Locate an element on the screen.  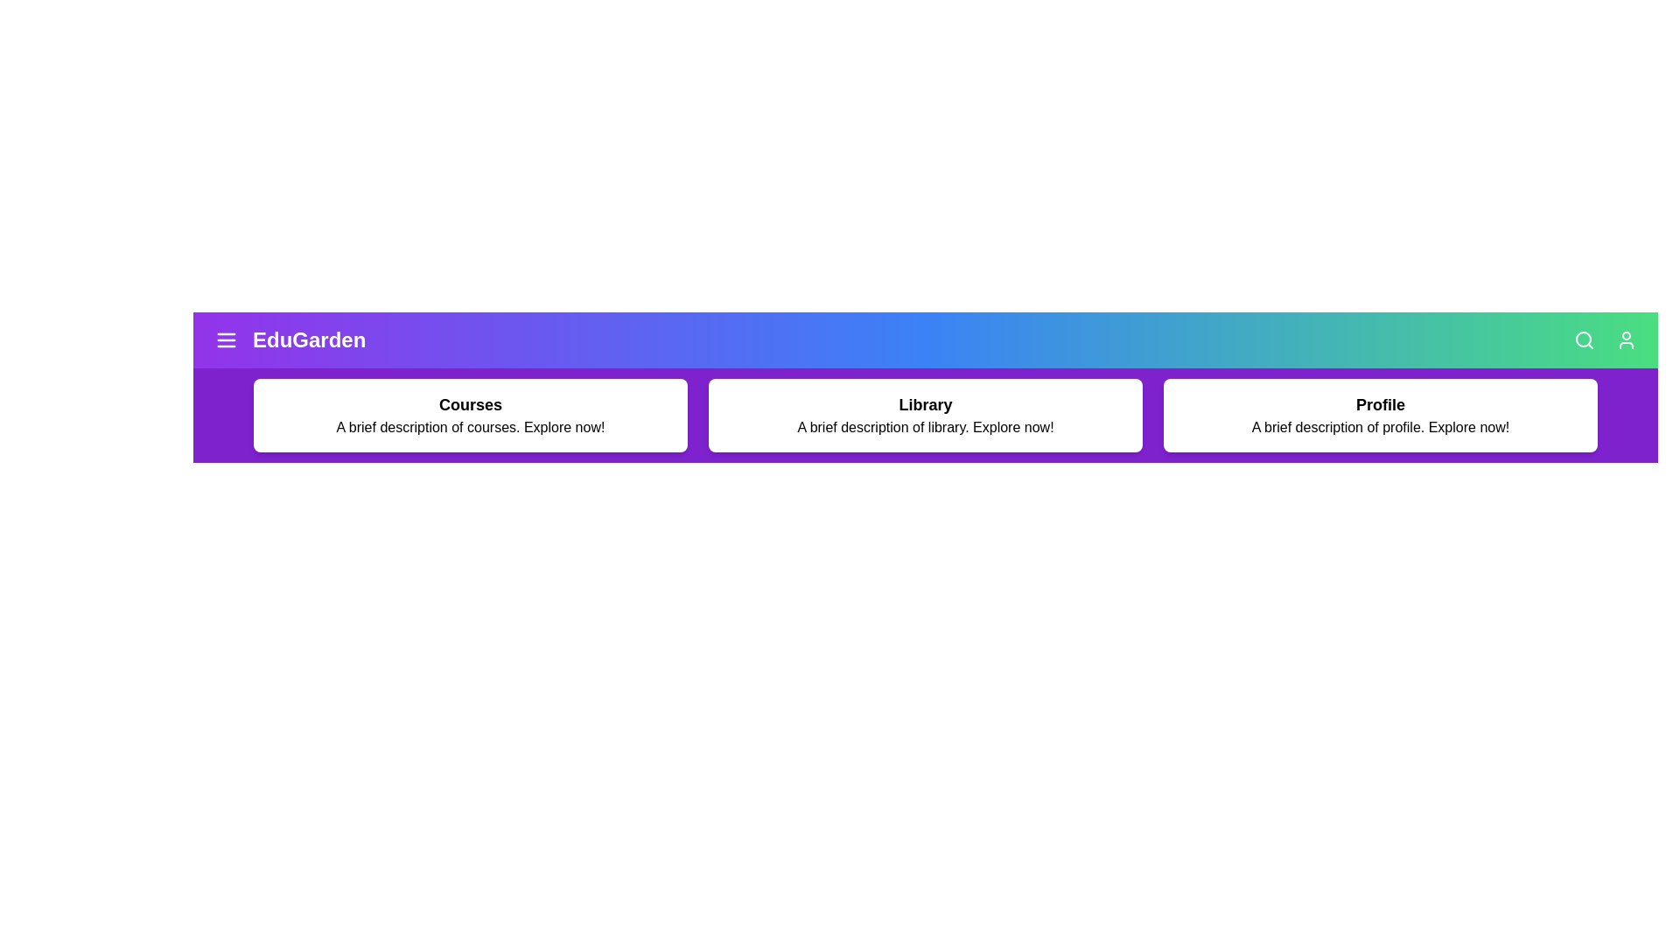
the menu icon to toggle the visibility of the menu is located at coordinates (226, 340).